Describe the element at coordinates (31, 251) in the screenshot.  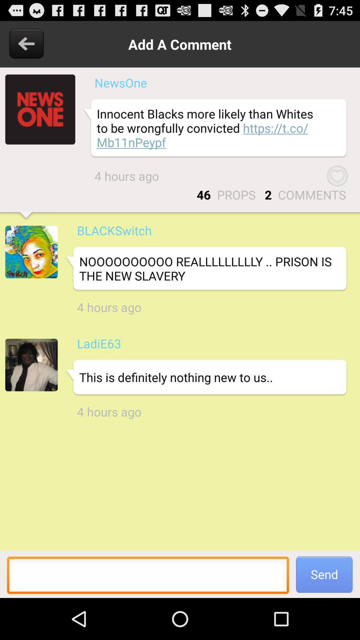
I see `click on the avatar` at that location.